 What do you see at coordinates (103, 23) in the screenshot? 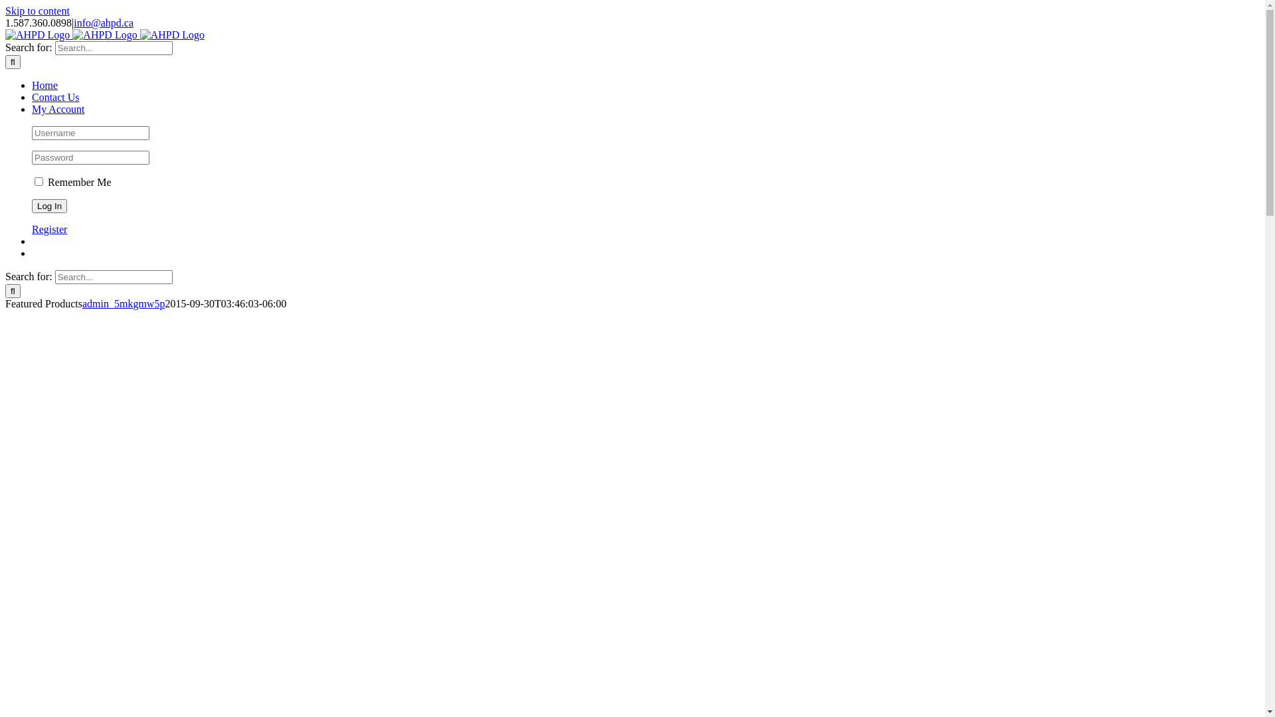
I see `'info@ahpd.ca'` at bounding box center [103, 23].